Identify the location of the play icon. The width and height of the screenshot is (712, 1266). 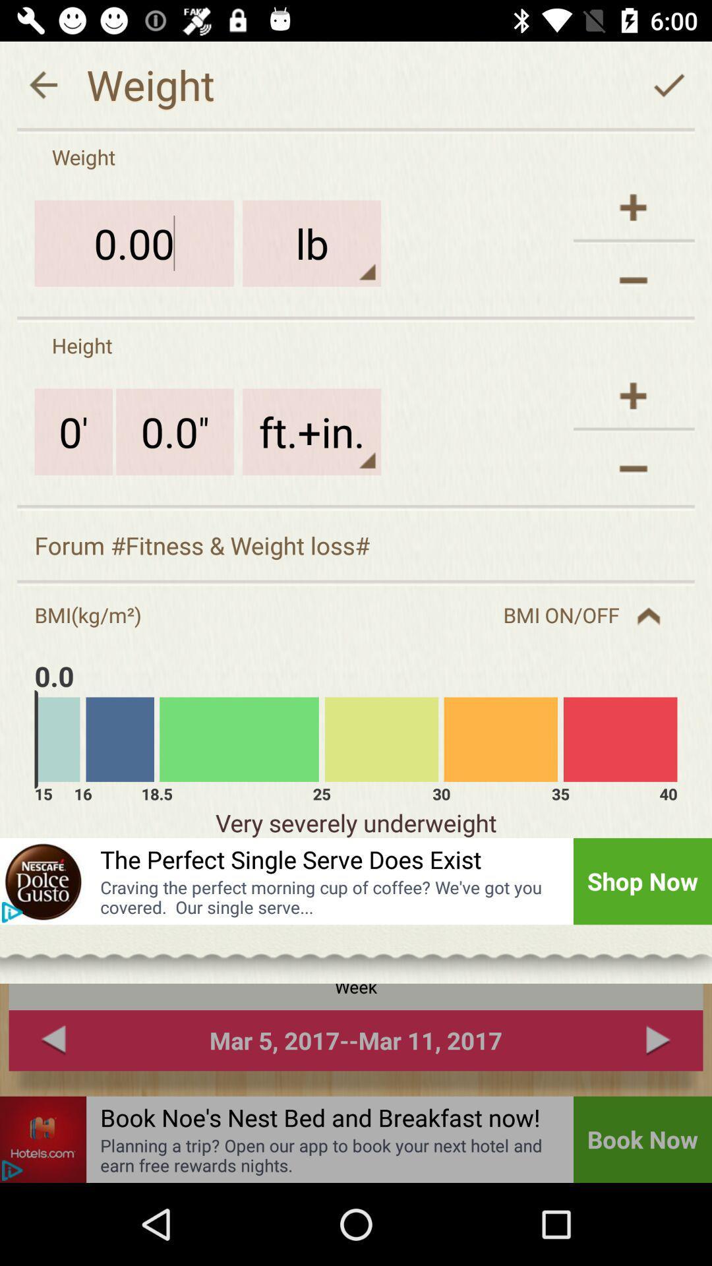
(12, 911).